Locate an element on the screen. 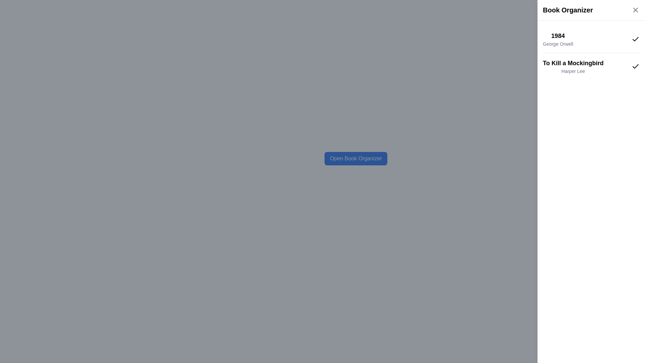 The height and width of the screenshot is (363, 645). the book entry in the right-side panel that displays the book's title and author, located below '1984' by George Orwell is located at coordinates (591, 66).